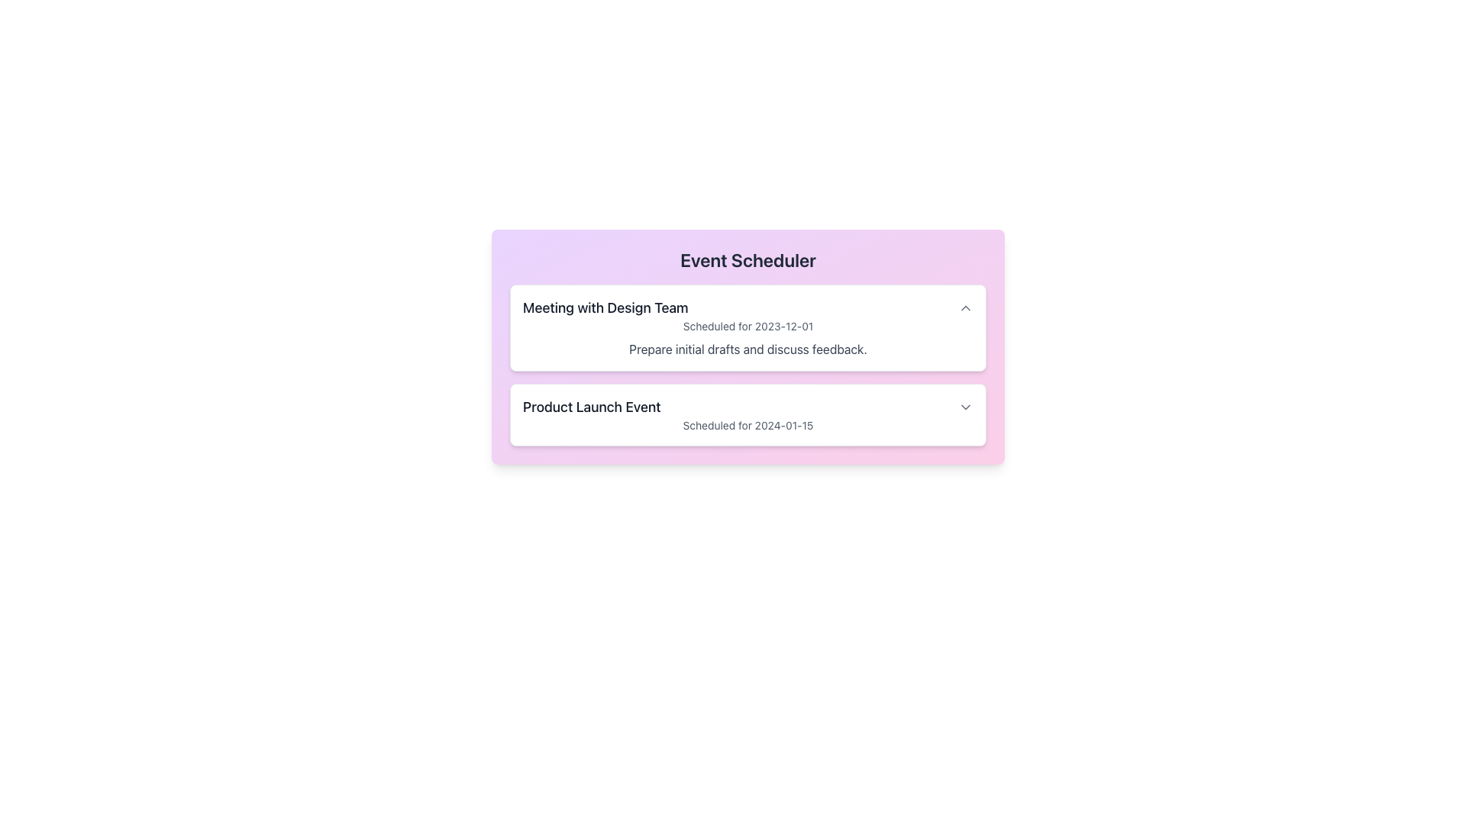 The image size is (1466, 824). Describe the element at coordinates (605, 308) in the screenshot. I see `text label that says 'Meeting with Design Team', which is prominently displayed in bold black on a light background at the top-left of the Event Scheduler interface` at that location.